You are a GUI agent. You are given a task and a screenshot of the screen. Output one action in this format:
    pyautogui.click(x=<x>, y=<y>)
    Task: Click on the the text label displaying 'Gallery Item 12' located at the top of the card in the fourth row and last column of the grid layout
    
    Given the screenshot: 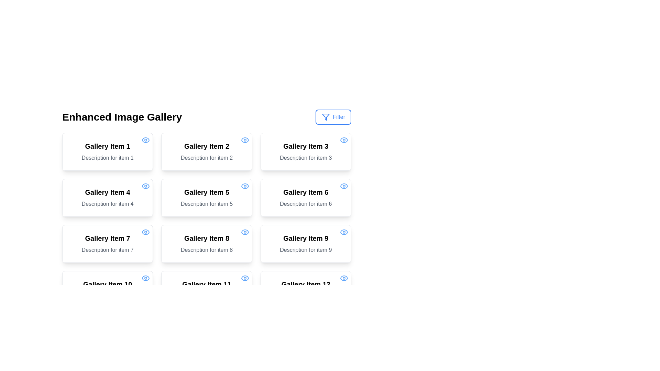 What is the action you would take?
    pyautogui.click(x=305, y=284)
    